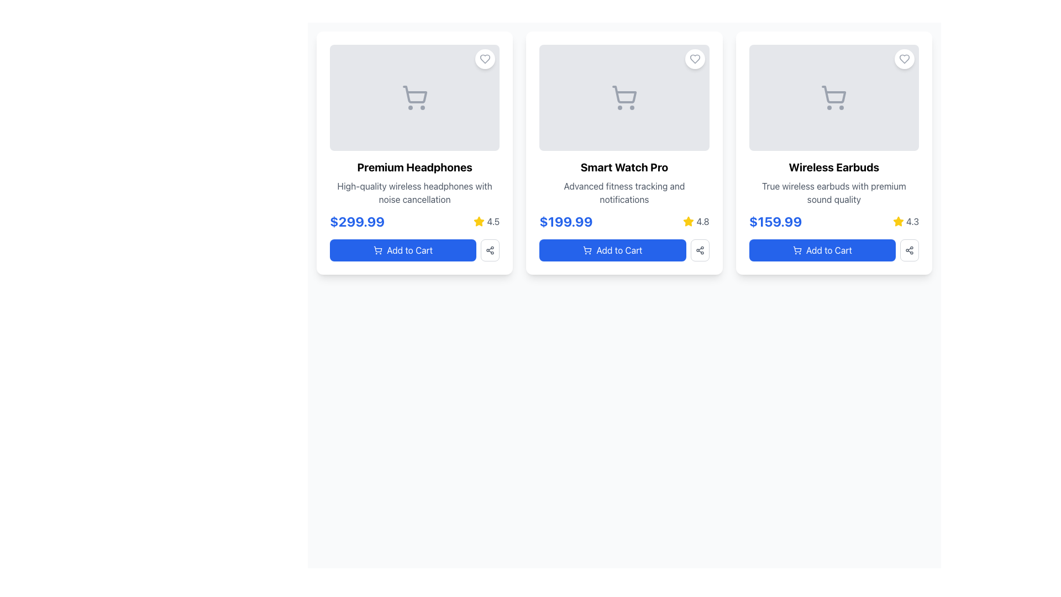 The width and height of the screenshot is (1061, 597). What do you see at coordinates (834, 94) in the screenshot?
I see `the shopping cart icon located at the top center of the 'Wireless Earbuds' card component` at bounding box center [834, 94].